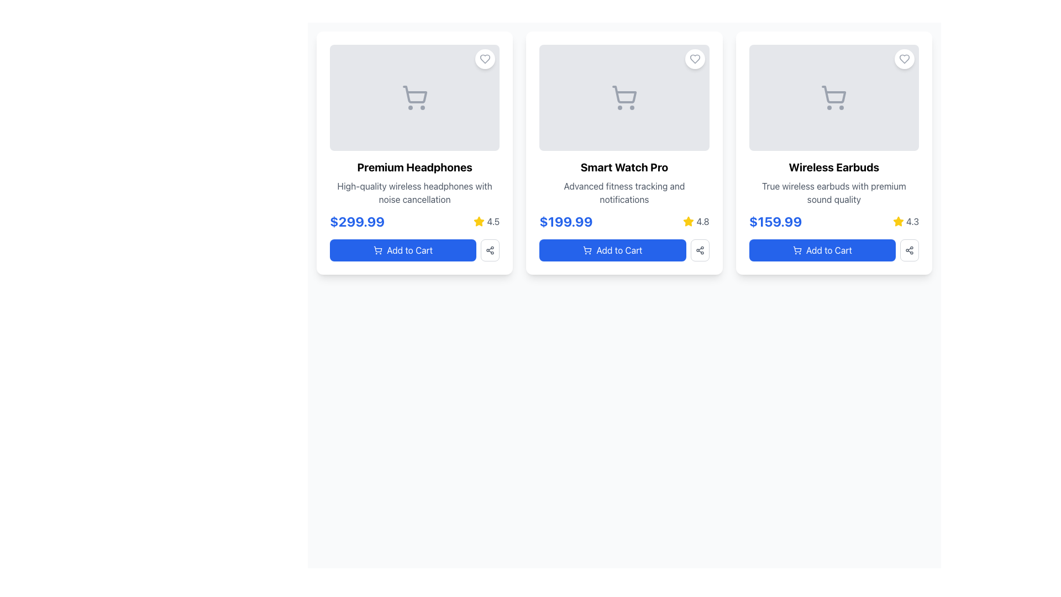 The width and height of the screenshot is (1061, 597). What do you see at coordinates (834, 94) in the screenshot?
I see `the shopping cart icon located at the top center of the 'Wireless Earbuds' card component` at bounding box center [834, 94].